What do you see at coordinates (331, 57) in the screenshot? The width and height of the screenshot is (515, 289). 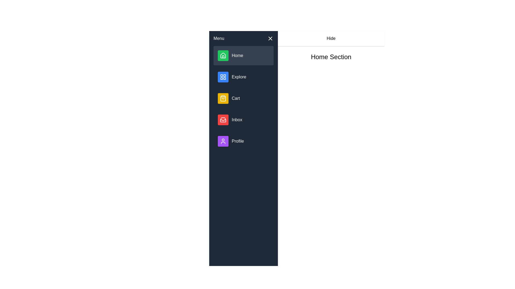 I see `the 'Home Section' text label, which is a large black font label against a white background, located to the right of the sidebar menu` at bounding box center [331, 57].